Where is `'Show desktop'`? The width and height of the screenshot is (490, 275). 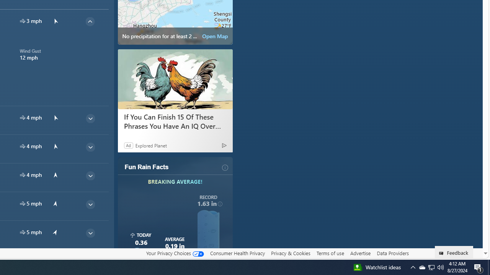 'Show desktop' is located at coordinates (488, 267).